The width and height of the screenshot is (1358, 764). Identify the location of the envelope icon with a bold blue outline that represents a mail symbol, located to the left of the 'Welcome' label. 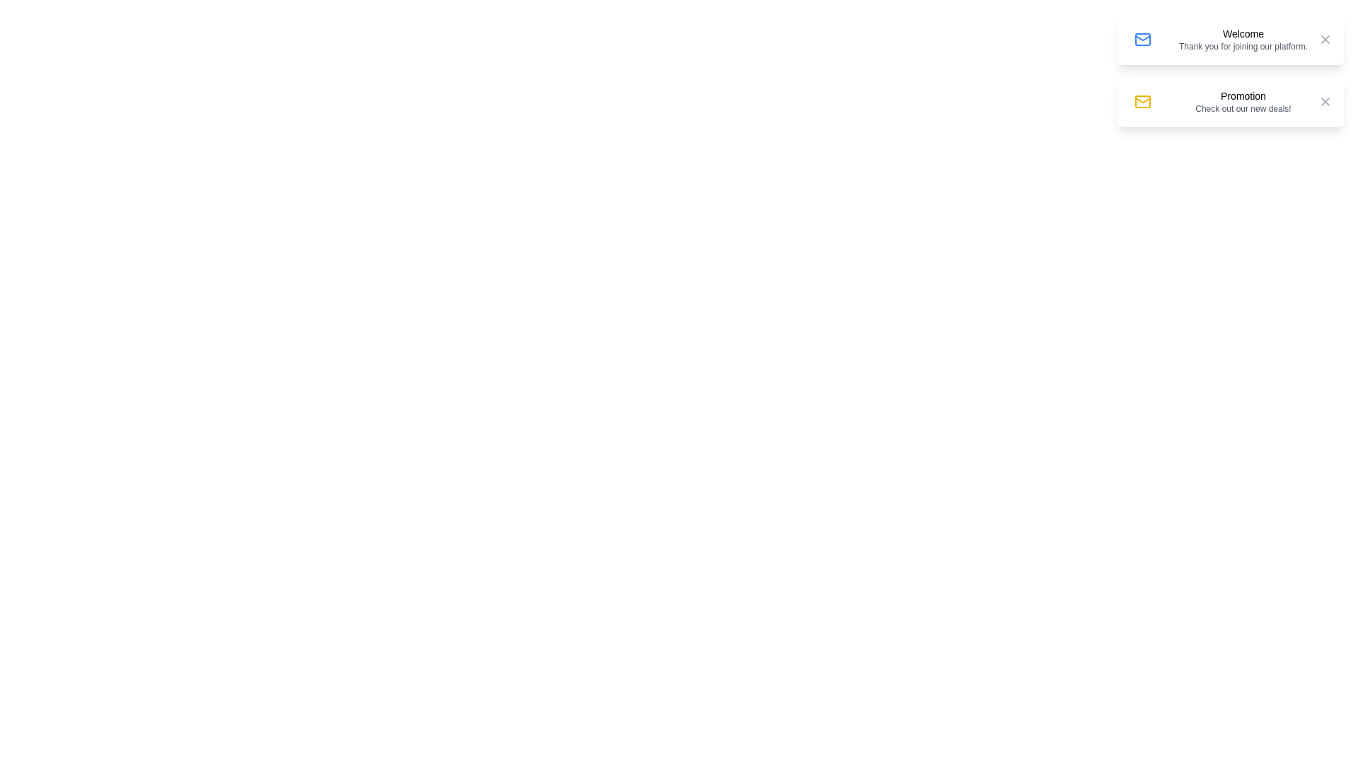
(1143, 39).